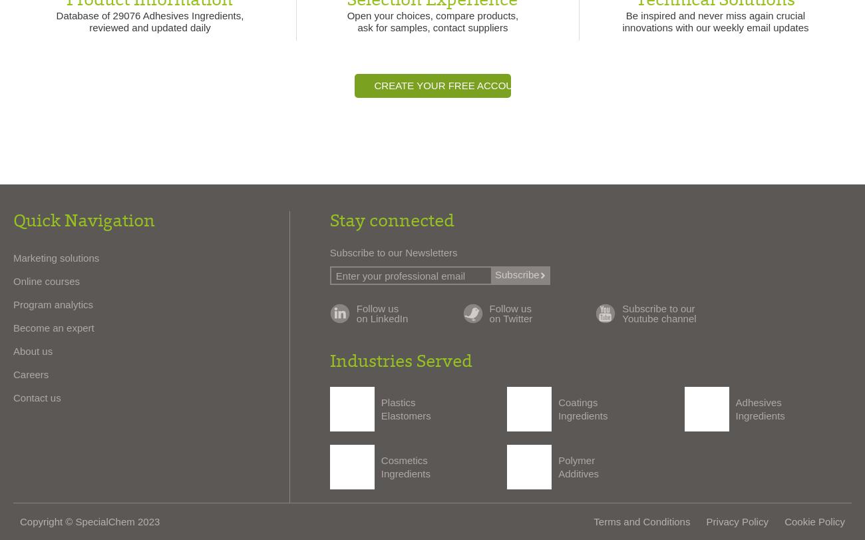 The height and width of the screenshot is (540, 865). I want to click on 'Cosmetics', so click(403, 459).